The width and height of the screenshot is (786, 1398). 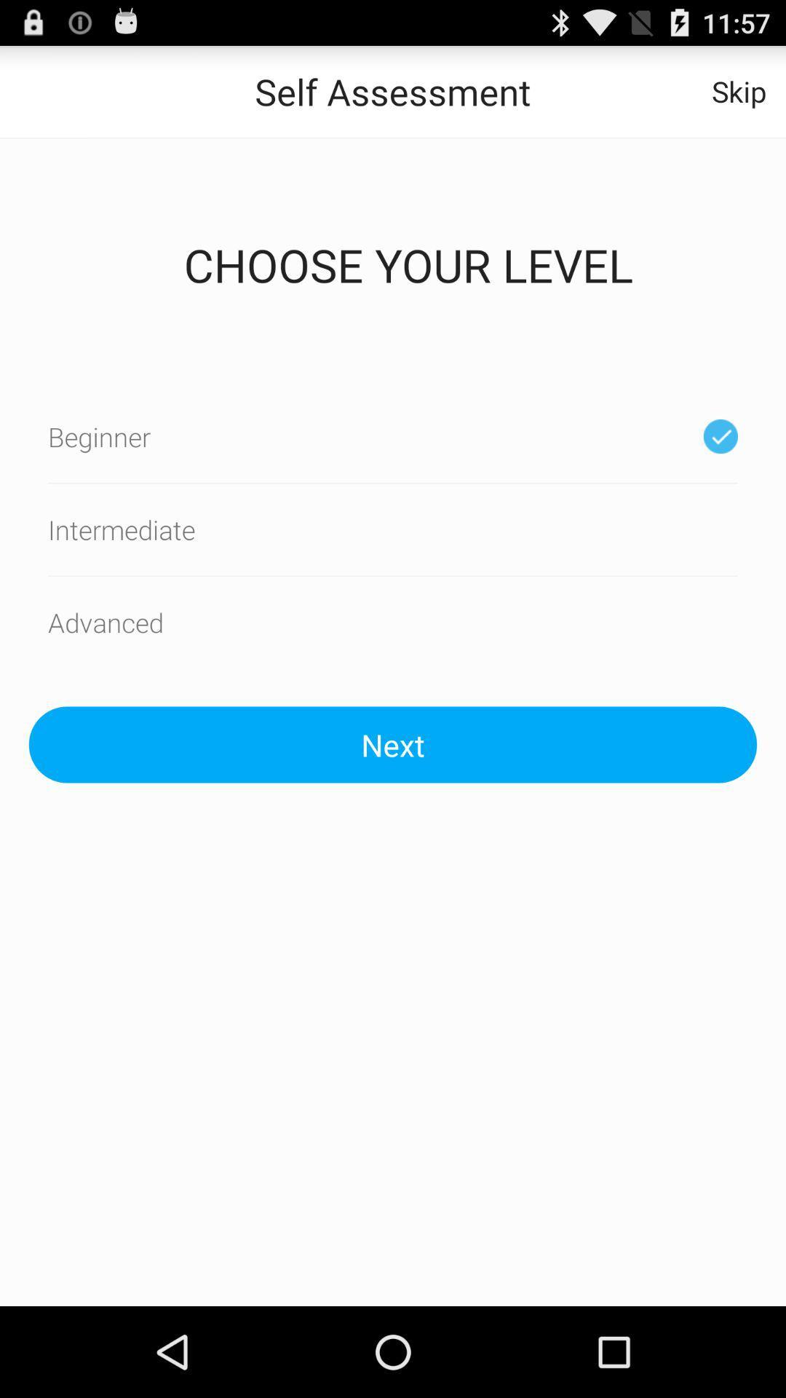 I want to click on the next icon, so click(x=393, y=744).